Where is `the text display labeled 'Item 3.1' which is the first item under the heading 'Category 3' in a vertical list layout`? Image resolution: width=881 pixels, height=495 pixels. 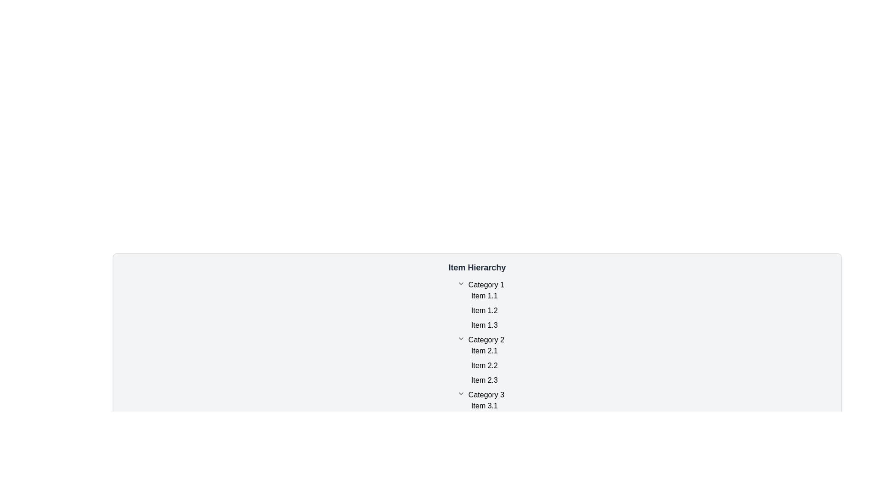 the text display labeled 'Item 3.1' which is the first item under the heading 'Category 3' in a vertical list layout is located at coordinates (484, 406).